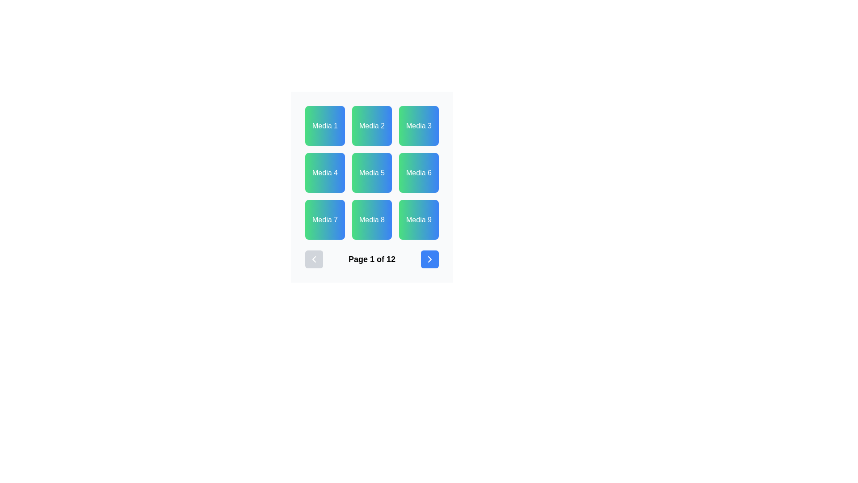  What do you see at coordinates (418, 173) in the screenshot?
I see `the interactive tile labeled 'Media 6', which is a square tile with a gradient background from green to blue and contains the text 'Media 6' centered in white` at bounding box center [418, 173].